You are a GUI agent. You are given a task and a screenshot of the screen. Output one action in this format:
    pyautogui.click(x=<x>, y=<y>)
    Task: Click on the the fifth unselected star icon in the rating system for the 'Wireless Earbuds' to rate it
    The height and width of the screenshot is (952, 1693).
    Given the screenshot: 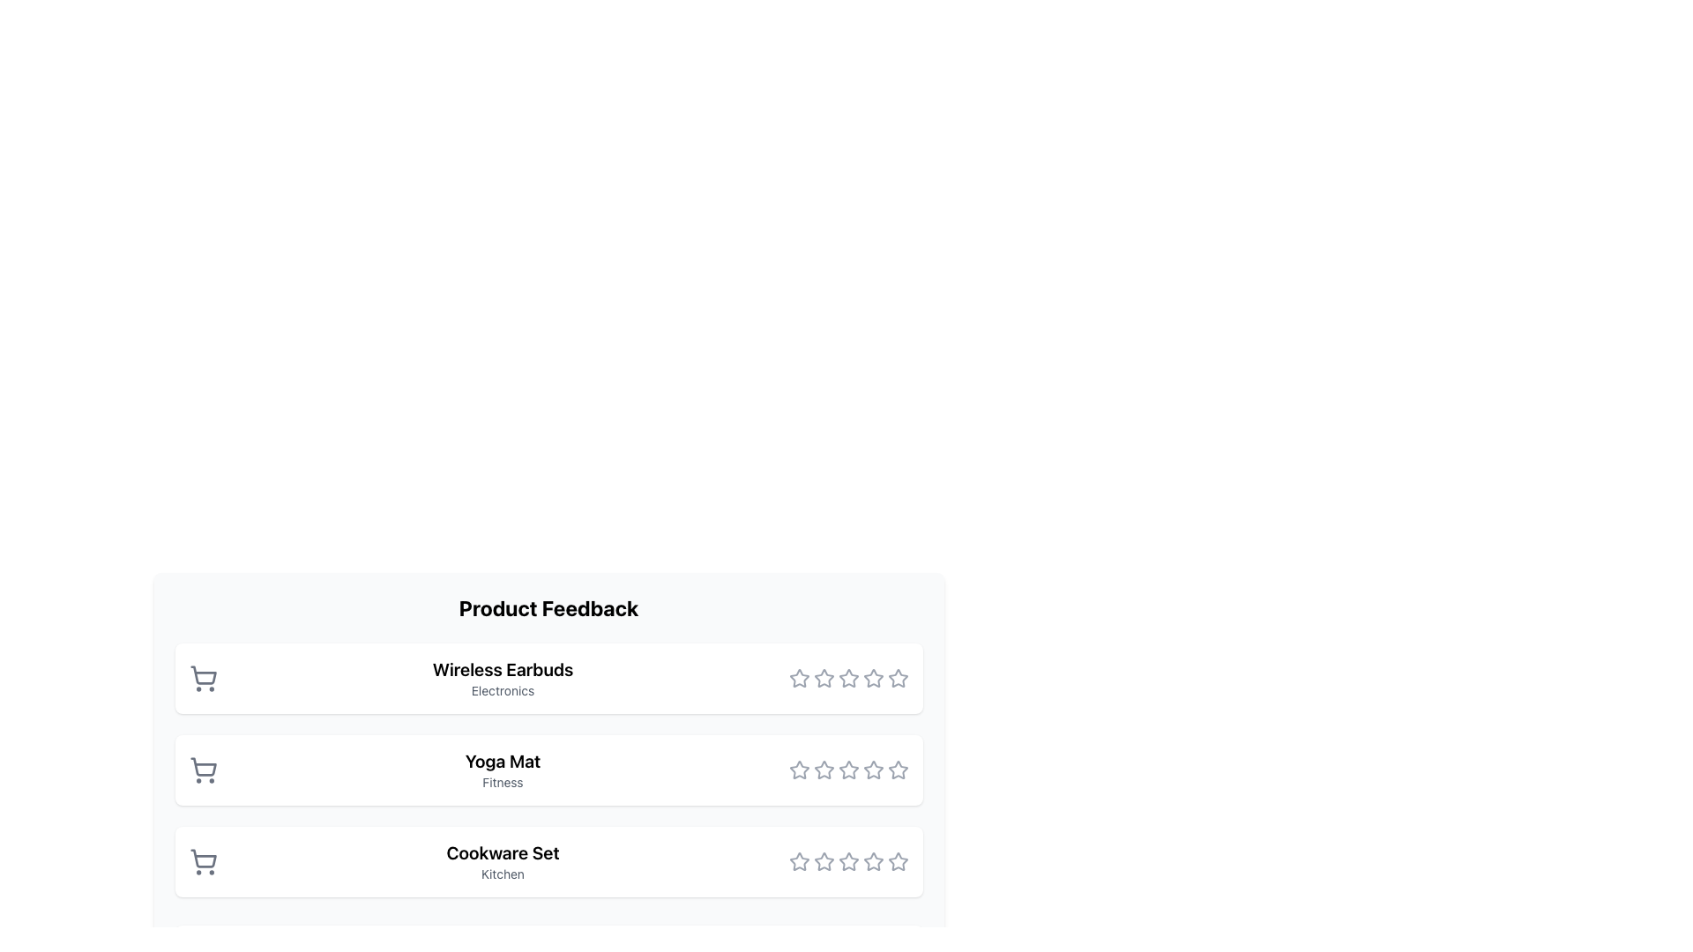 What is the action you would take?
    pyautogui.click(x=898, y=678)
    